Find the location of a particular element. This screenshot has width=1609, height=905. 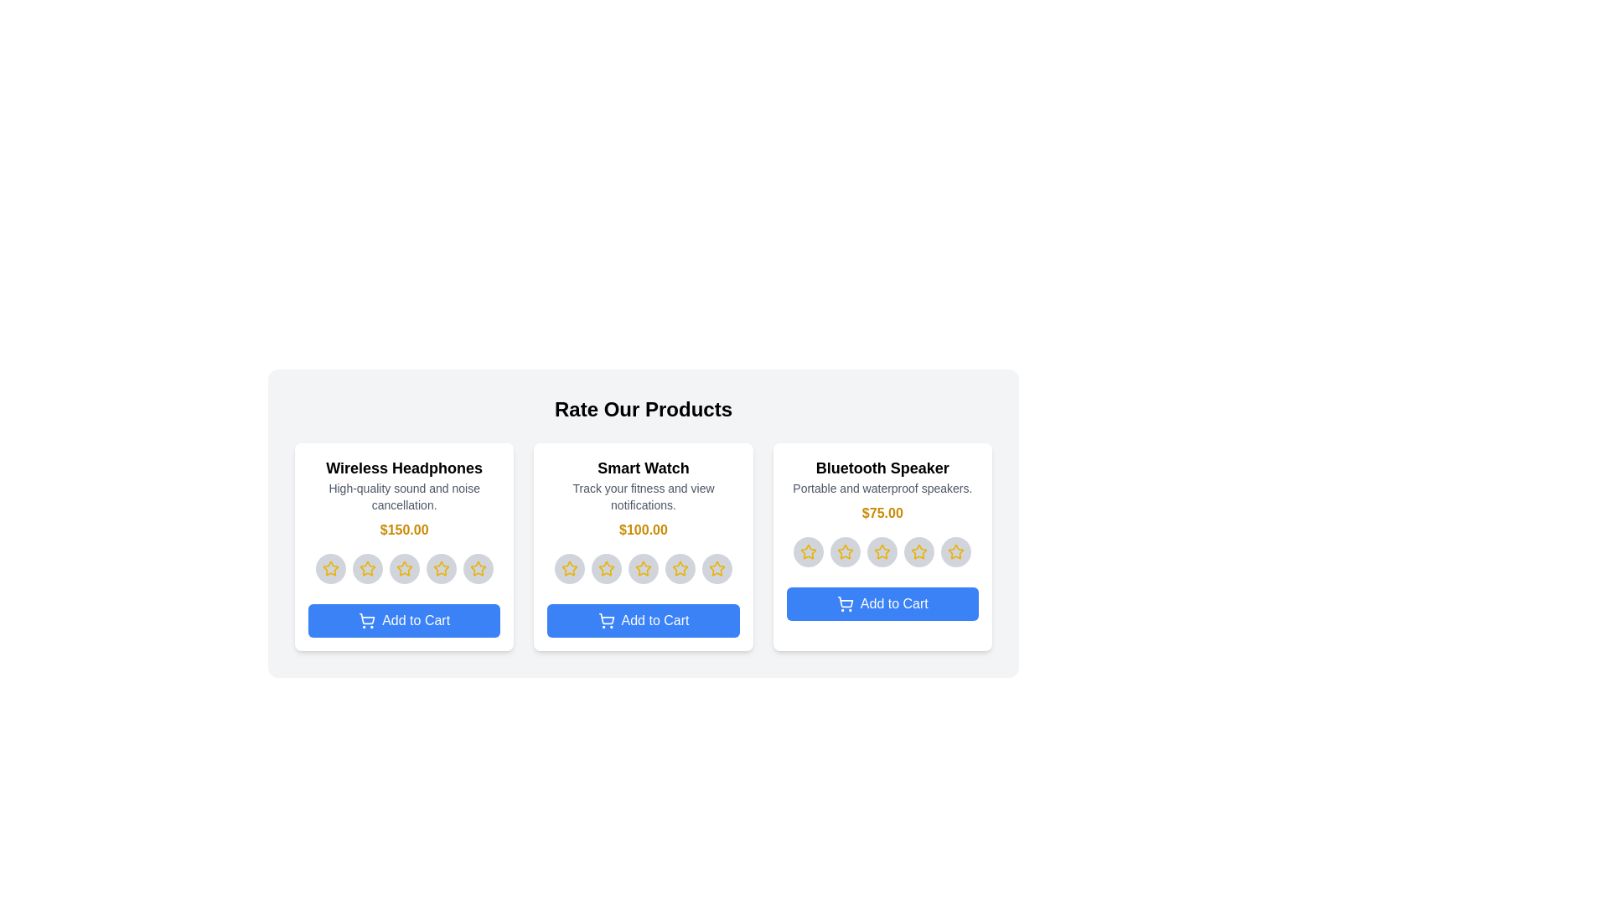

the star corresponding to 1 for the product 'Smart Watch' is located at coordinates (570, 567).